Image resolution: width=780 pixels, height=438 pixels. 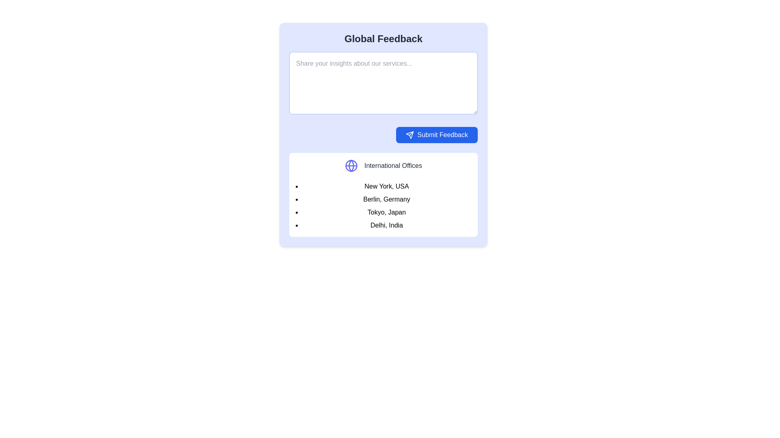 I want to click on the 'Submit Feedback' button located below the feedback text area in the 'Global Feedback' section, so click(x=436, y=134).